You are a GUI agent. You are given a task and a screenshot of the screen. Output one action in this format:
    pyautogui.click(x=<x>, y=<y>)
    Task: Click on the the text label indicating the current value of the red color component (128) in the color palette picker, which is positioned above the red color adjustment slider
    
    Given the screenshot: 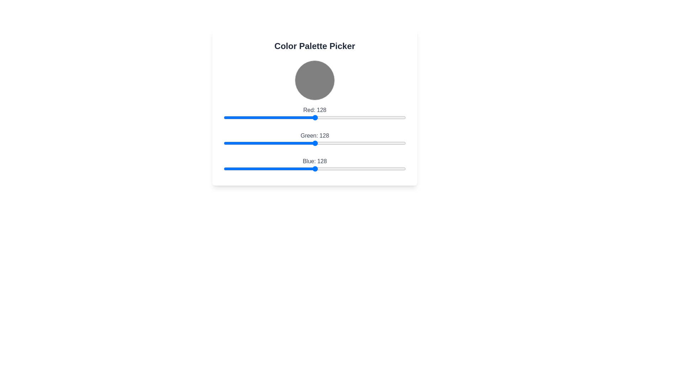 What is the action you would take?
    pyautogui.click(x=314, y=110)
    